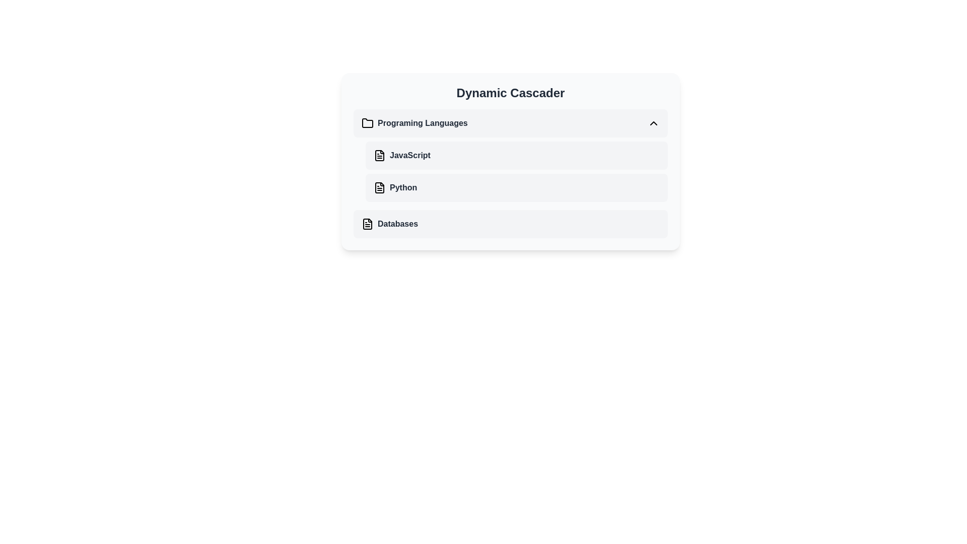 The image size is (967, 544). Describe the element at coordinates (517, 188) in the screenshot. I see `the second selectable option in the 'Programming Languages' dropdown menu, which represents 'Python'` at that location.